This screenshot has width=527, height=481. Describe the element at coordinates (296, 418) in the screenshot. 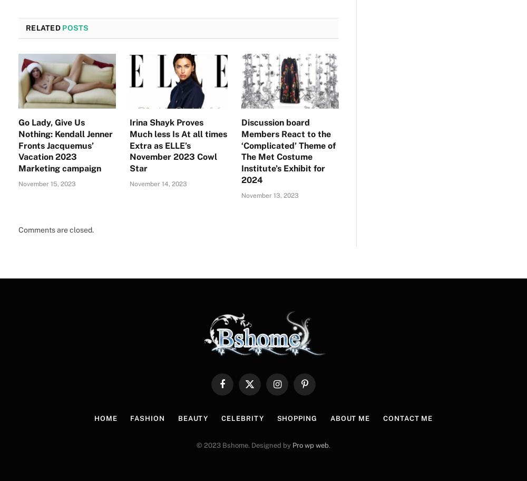

I see `'Shopping'` at that location.